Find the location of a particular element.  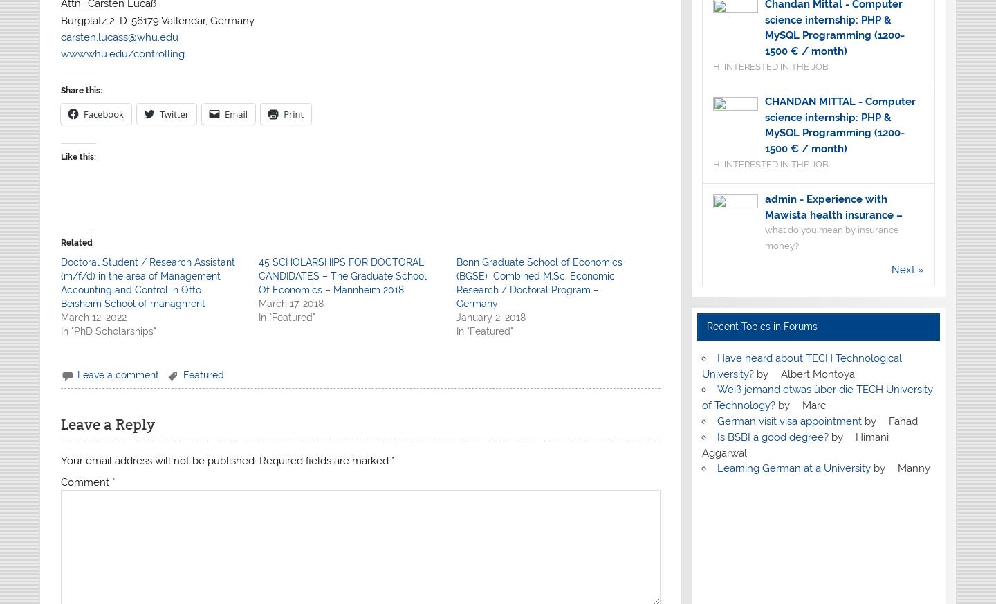

'Leave a comment' is located at coordinates (117, 373).